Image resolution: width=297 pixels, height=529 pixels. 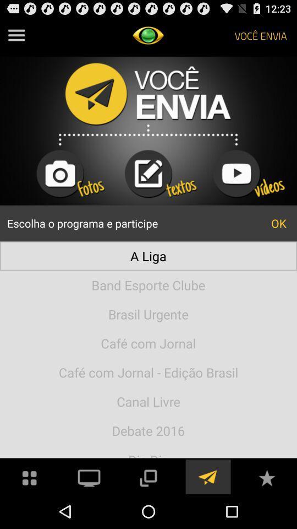 I want to click on open in new screen, so click(x=148, y=476).